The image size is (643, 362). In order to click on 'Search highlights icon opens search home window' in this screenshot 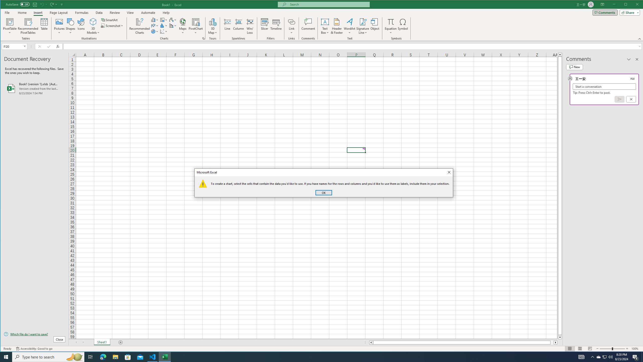, I will do `click(74, 356)`.